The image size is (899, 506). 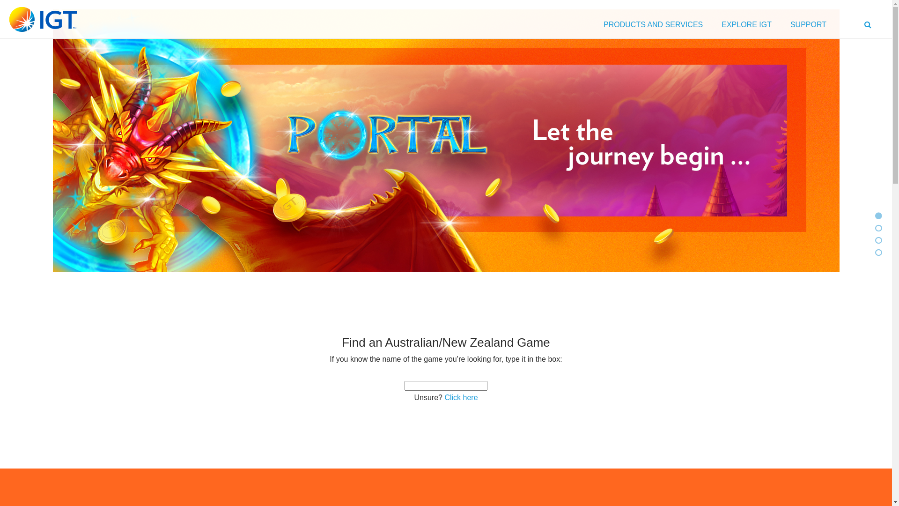 What do you see at coordinates (808, 26) in the screenshot?
I see `'SUPPORT'` at bounding box center [808, 26].